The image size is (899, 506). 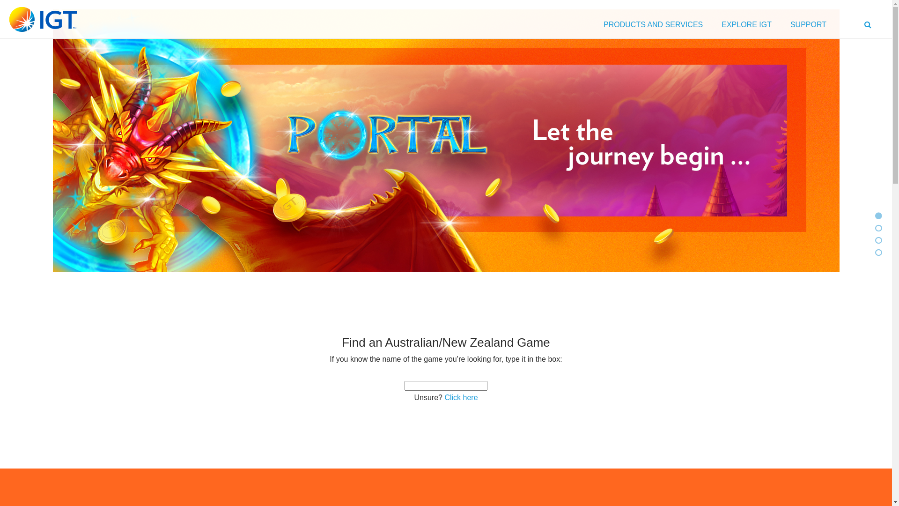 What do you see at coordinates (808, 26) in the screenshot?
I see `'SUPPORT'` at bounding box center [808, 26].